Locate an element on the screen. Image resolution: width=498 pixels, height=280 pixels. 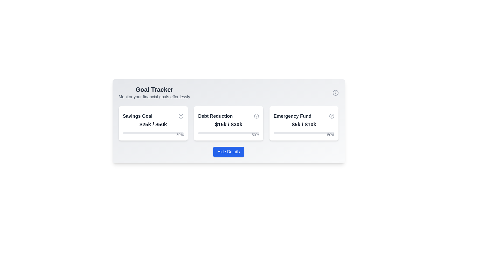
the progress bar in the 'Savings Goal' card, which displays a partially filled green segment and a percentage label of '50%' is located at coordinates (153, 133).